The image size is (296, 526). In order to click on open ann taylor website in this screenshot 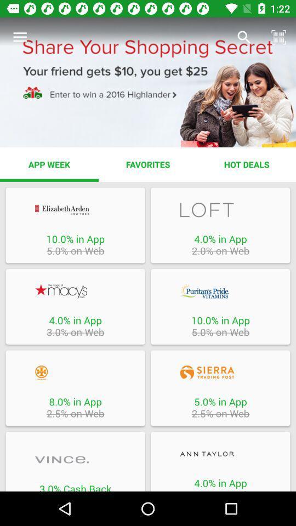, I will do `click(220, 454)`.